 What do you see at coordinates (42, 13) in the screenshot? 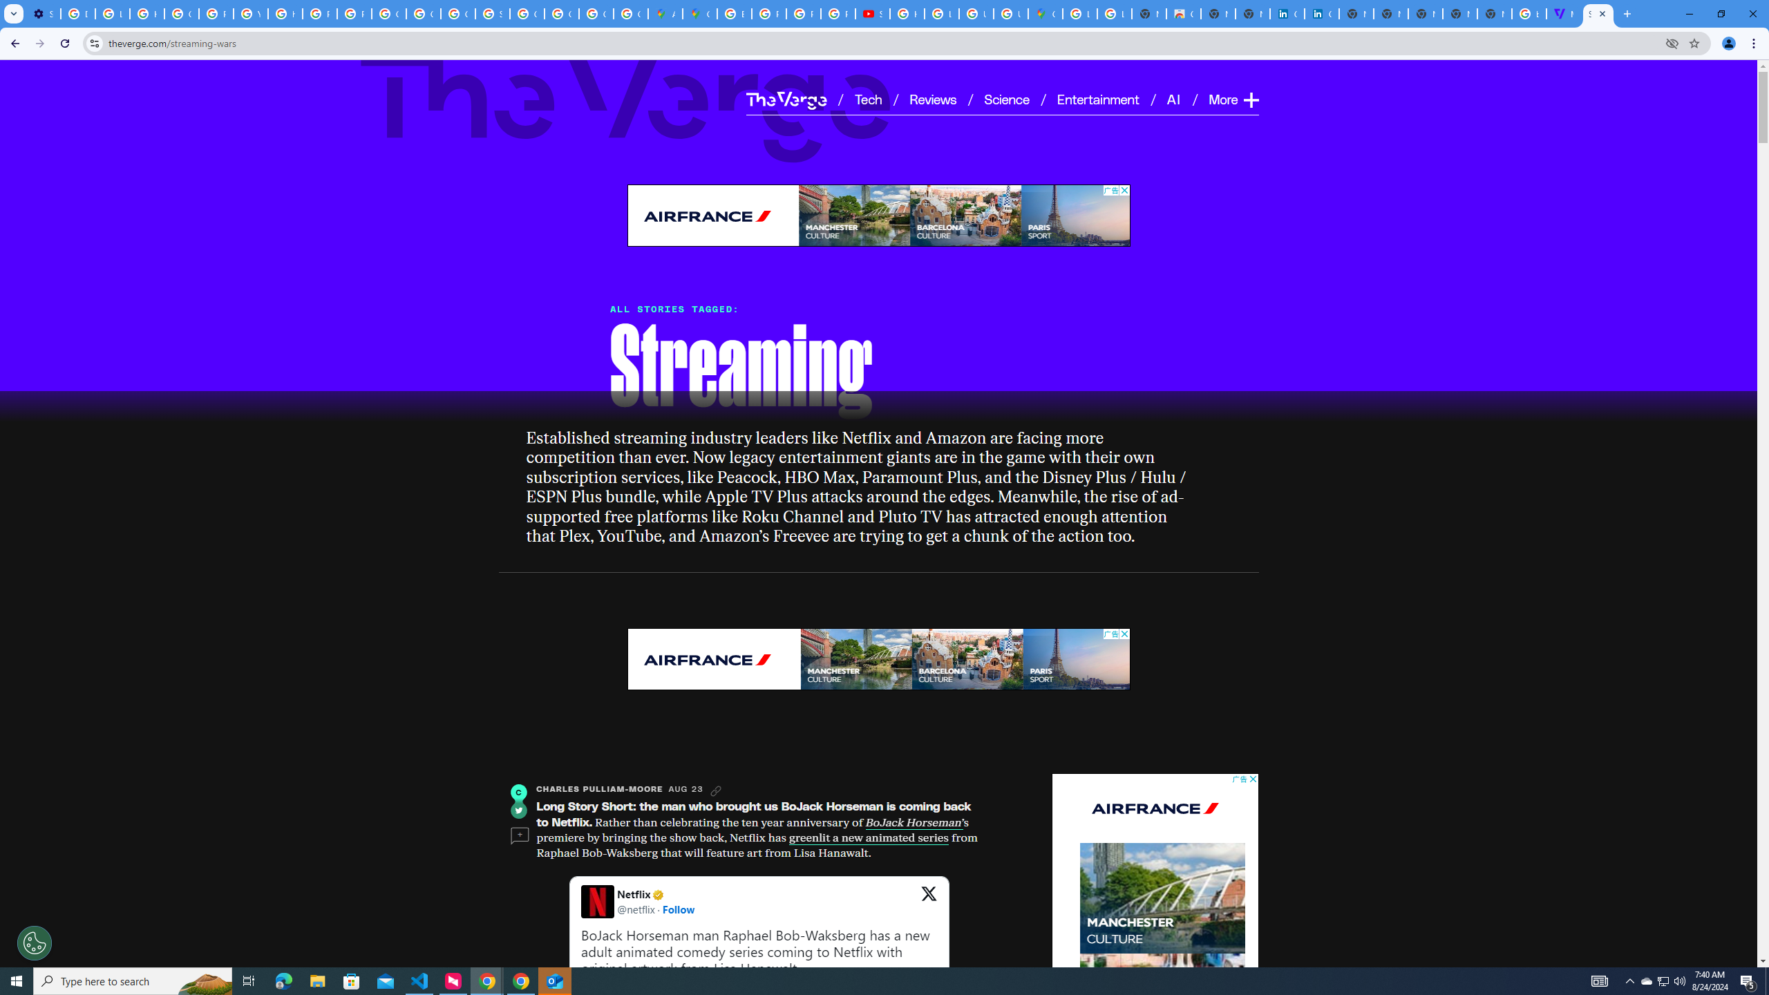
I see `'Settings - Customize profile'` at bounding box center [42, 13].